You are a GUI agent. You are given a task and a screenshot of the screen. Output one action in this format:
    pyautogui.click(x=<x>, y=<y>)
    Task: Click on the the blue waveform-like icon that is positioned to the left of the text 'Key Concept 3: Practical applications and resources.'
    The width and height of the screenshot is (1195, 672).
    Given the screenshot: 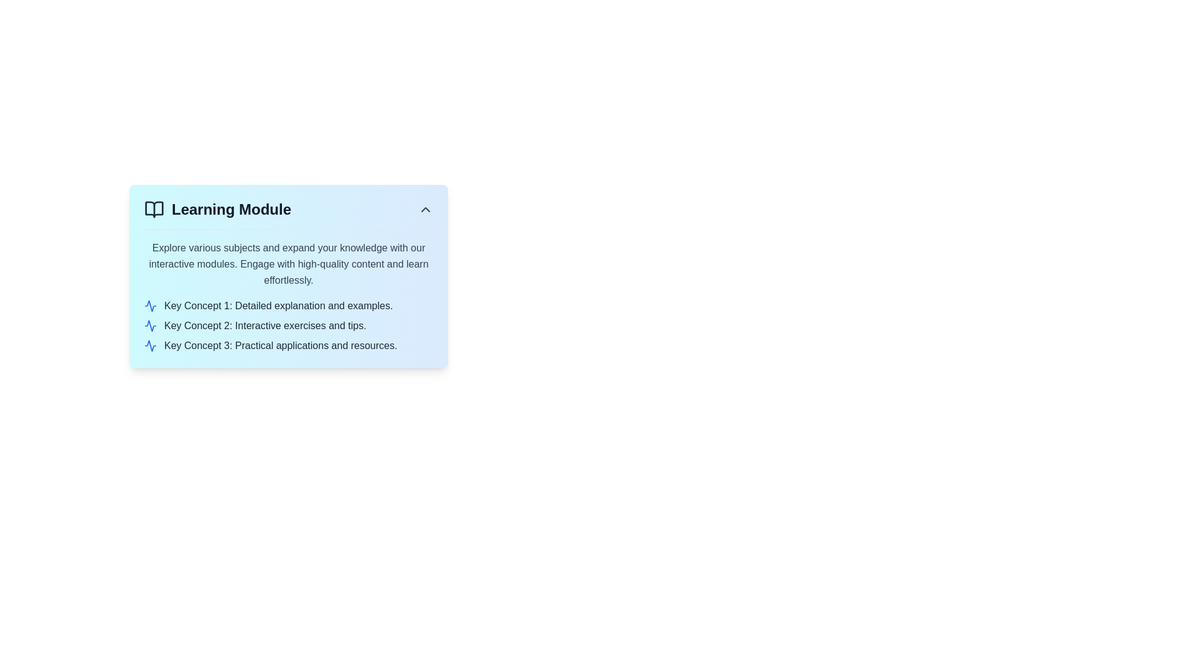 What is the action you would take?
    pyautogui.click(x=149, y=345)
    